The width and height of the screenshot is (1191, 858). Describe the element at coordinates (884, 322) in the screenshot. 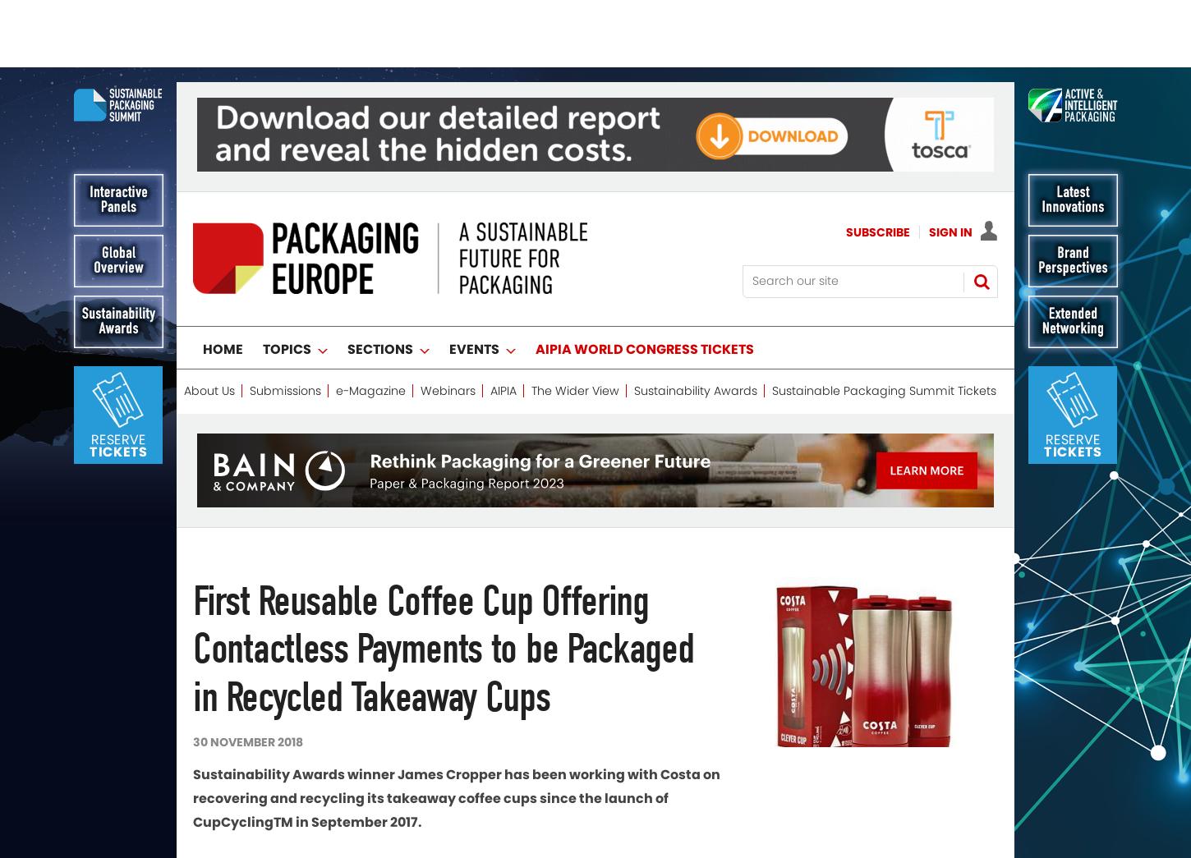

I see `'Sustainable Packaging Summit Tickets'` at that location.